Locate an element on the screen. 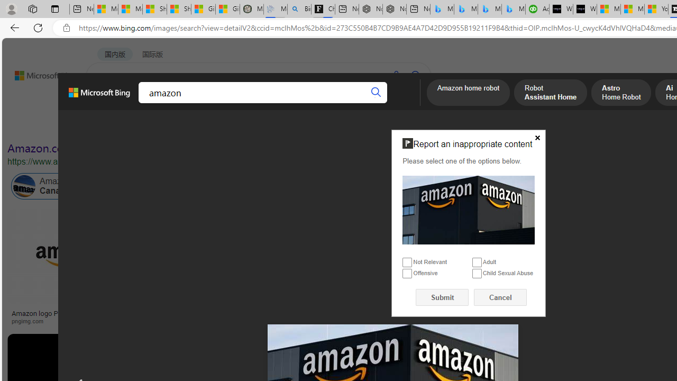 This screenshot has width=677, height=381. 'Class: b_pri_nav_svg' is located at coordinates (178, 104).